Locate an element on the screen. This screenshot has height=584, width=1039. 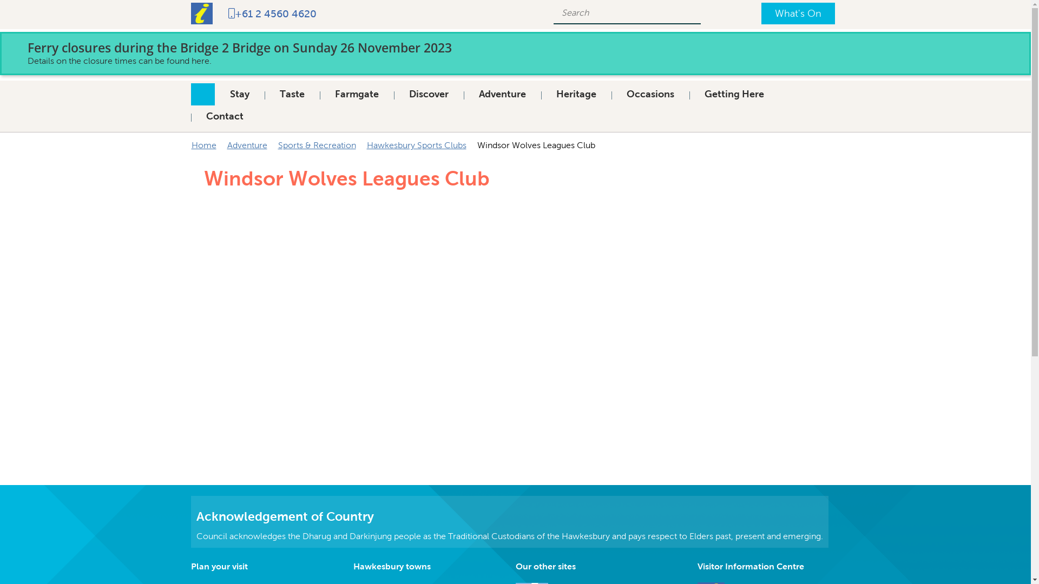
'Adventure' is located at coordinates (463, 94).